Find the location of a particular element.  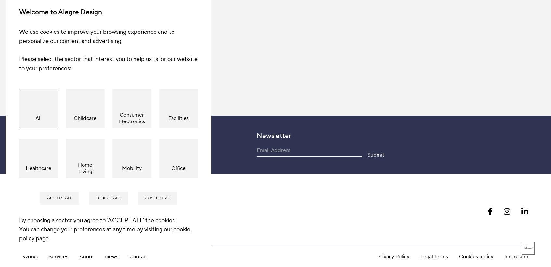

'Cookies policy' is located at coordinates (476, 110).